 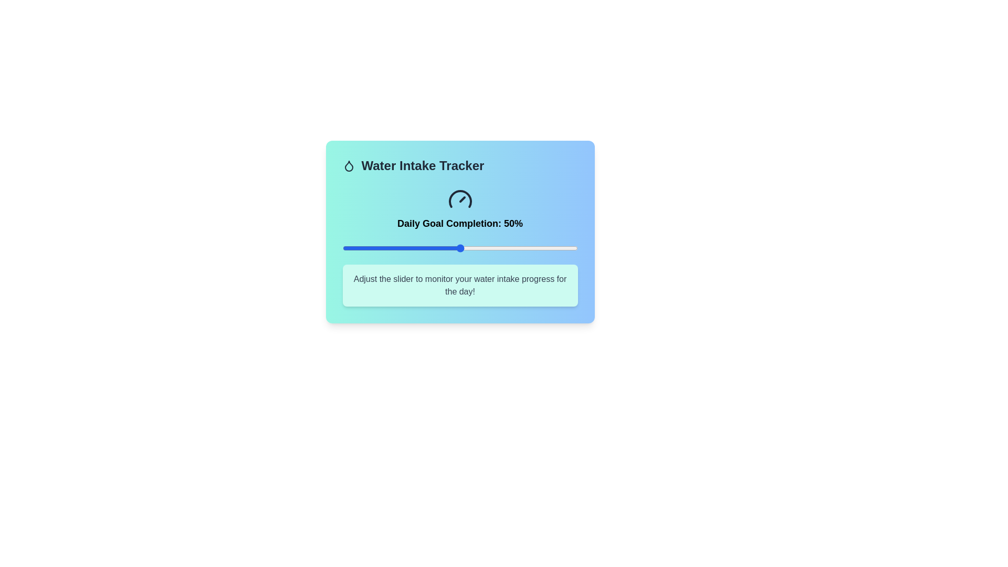 What do you see at coordinates (478, 248) in the screenshot?
I see `the slider to set the water intake percentage to 58%` at bounding box center [478, 248].